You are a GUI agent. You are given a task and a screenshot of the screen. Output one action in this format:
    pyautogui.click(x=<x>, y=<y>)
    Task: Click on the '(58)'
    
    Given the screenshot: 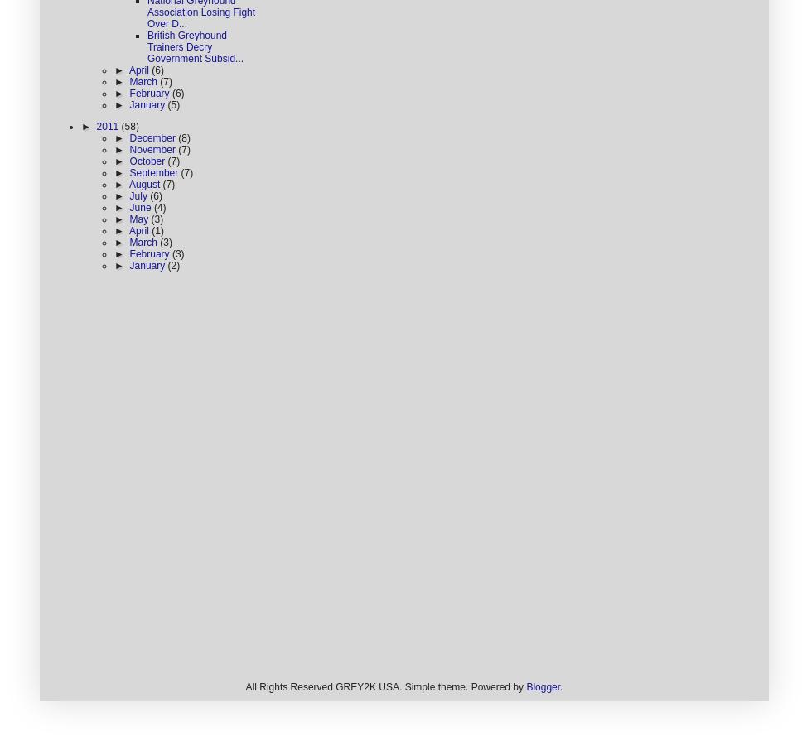 What is the action you would take?
    pyautogui.click(x=119, y=126)
    